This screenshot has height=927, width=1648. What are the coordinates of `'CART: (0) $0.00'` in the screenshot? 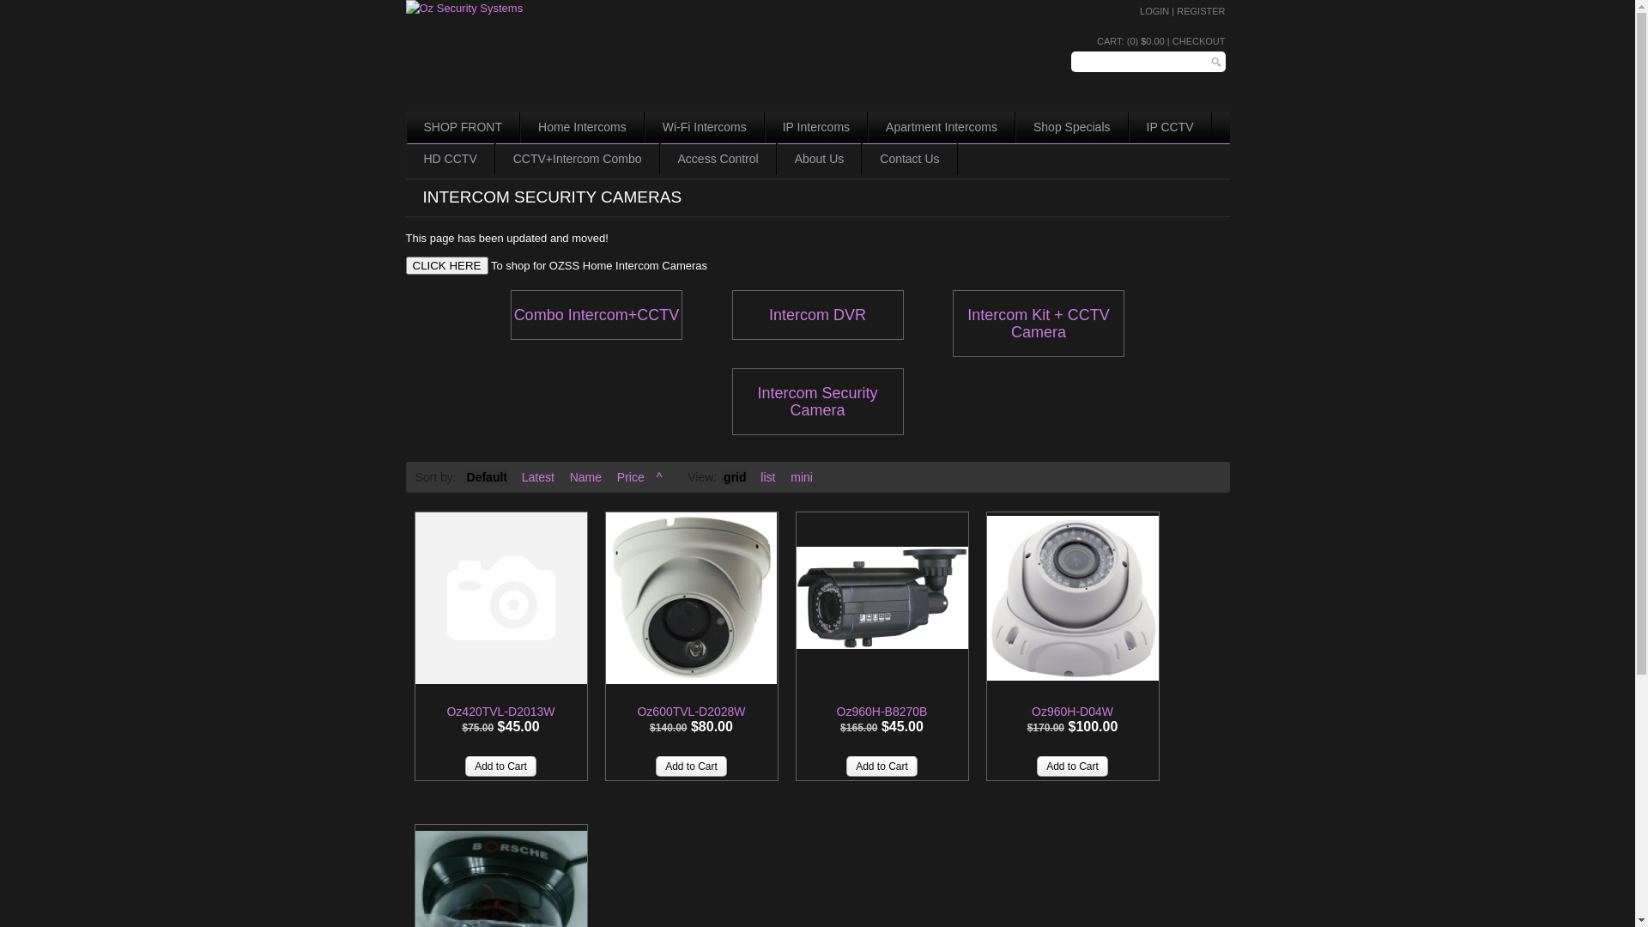 It's located at (1130, 39).